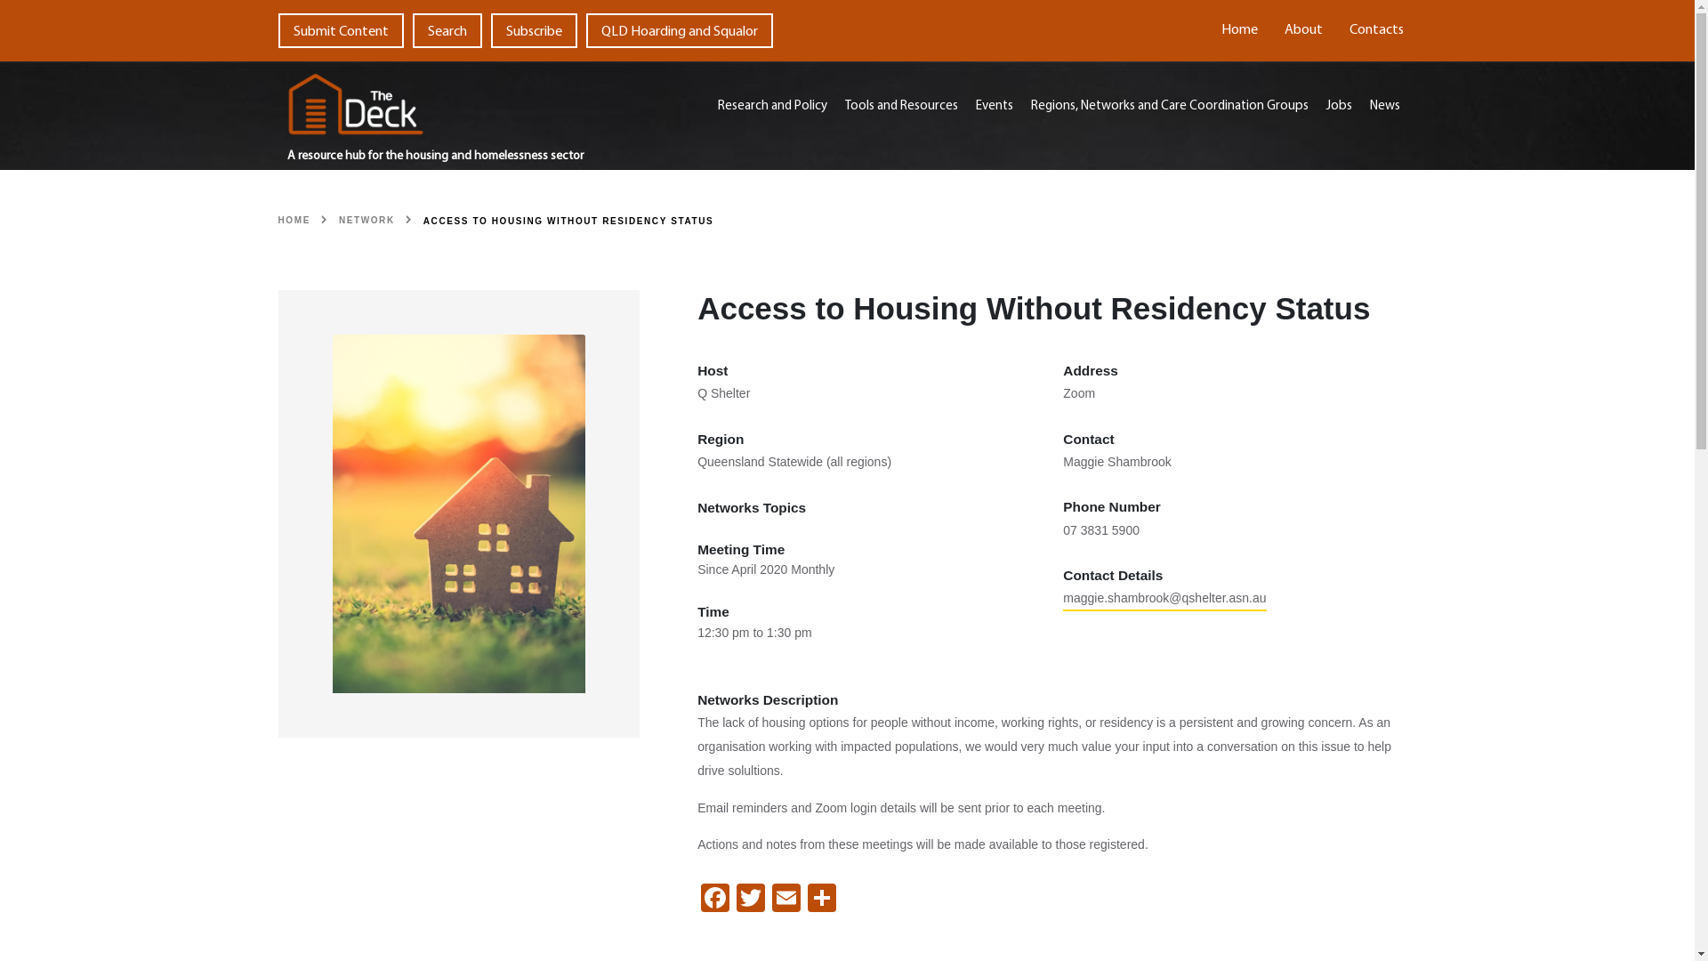 Image resolution: width=1708 pixels, height=961 pixels. Describe the element at coordinates (1375, 30) in the screenshot. I see `'Contacts'` at that location.